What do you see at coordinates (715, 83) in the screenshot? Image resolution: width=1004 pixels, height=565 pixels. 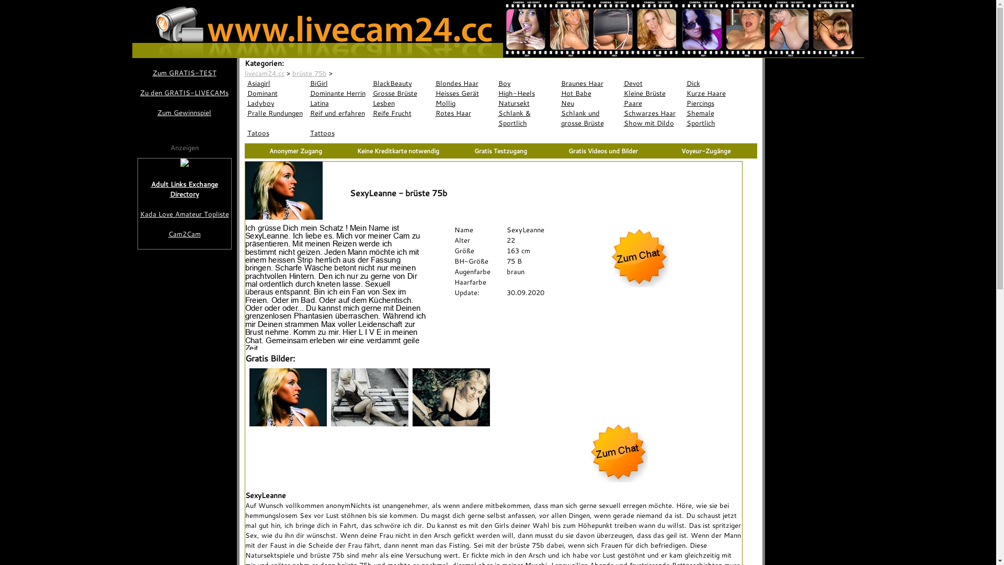 I see `'Dick'` at bounding box center [715, 83].